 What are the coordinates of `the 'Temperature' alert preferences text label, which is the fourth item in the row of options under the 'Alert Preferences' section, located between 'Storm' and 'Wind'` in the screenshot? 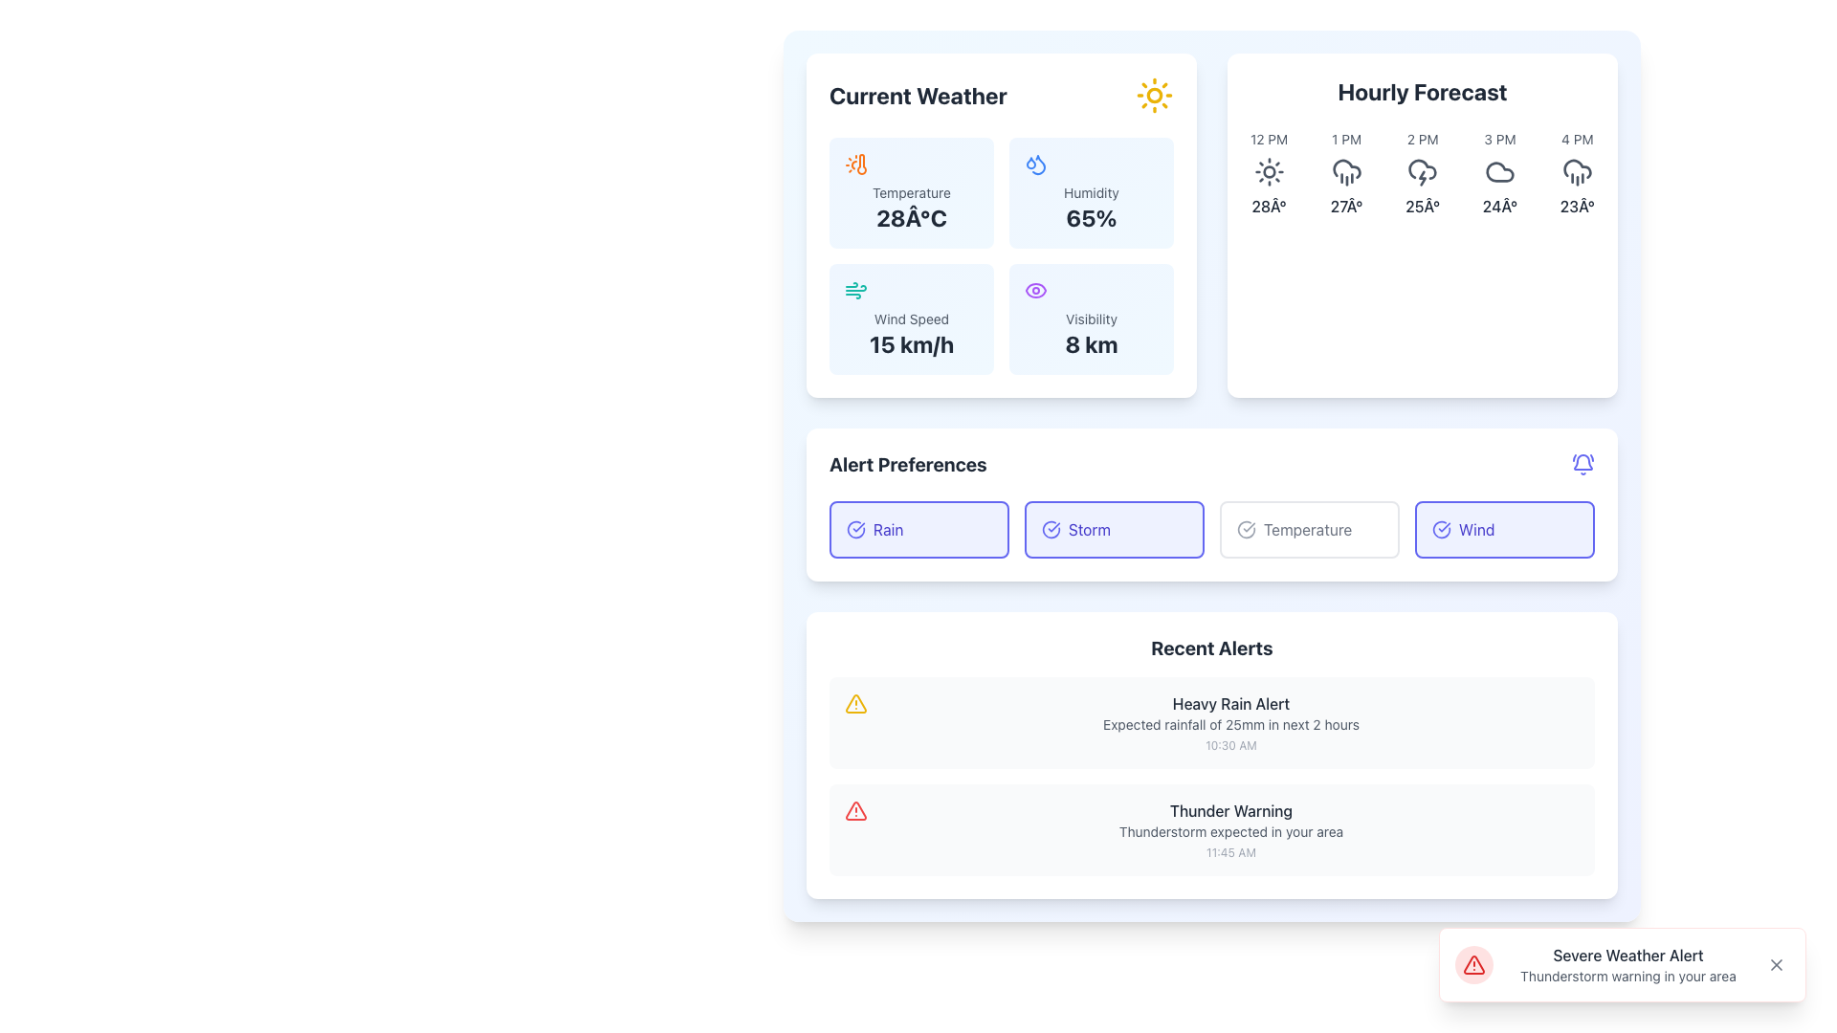 It's located at (1307, 530).